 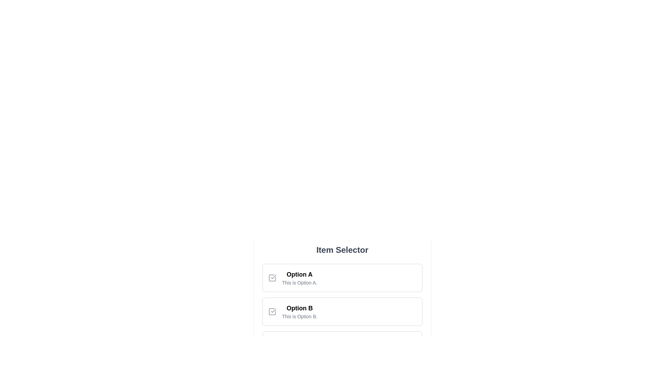 What do you see at coordinates (300, 312) in the screenshot?
I see `the text label that displays 'Option B' with the description 'This is Option B.' positioned below it in the vertical list` at bounding box center [300, 312].